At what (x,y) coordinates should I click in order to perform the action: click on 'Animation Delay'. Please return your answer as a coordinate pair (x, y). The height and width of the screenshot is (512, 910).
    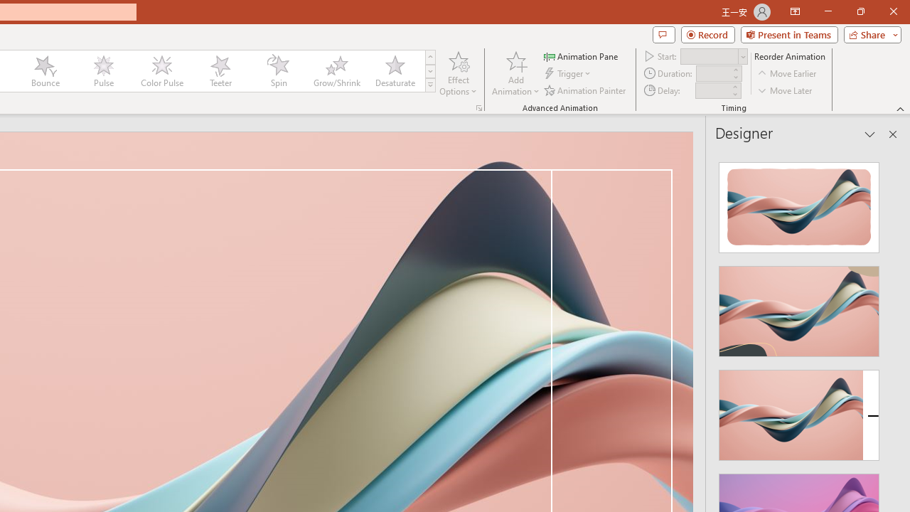
    Looking at the image, I should click on (712, 90).